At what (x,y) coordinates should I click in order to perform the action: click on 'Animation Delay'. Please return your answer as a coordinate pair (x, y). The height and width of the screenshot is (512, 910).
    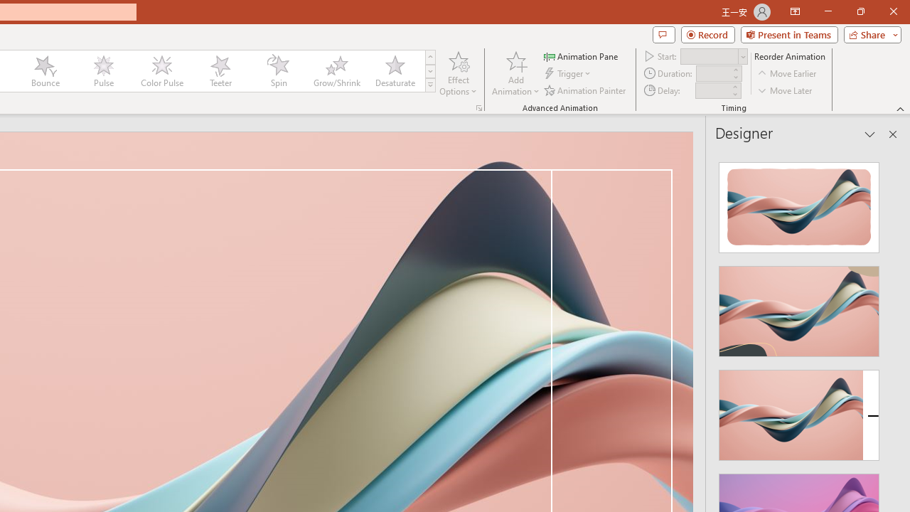
    Looking at the image, I should click on (712, 90).